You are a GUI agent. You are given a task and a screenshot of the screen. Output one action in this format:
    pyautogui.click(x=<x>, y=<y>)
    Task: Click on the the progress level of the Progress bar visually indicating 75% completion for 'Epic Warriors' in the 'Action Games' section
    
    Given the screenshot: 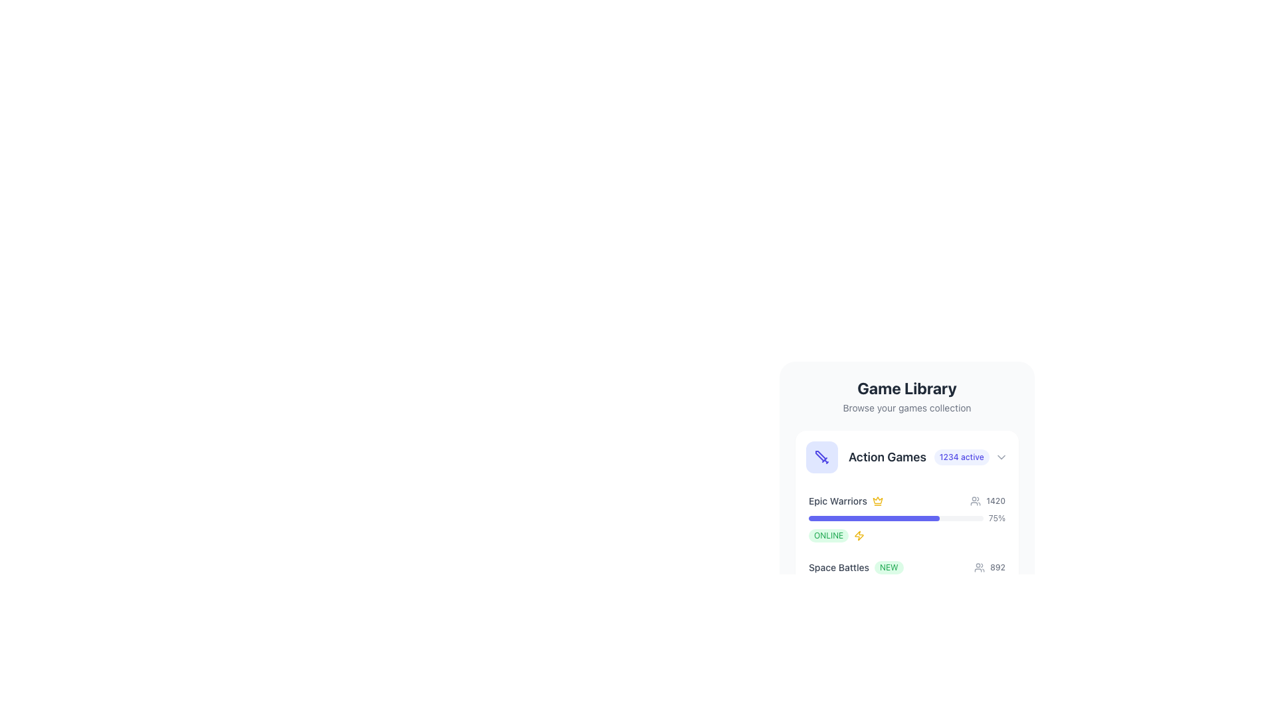 What is the action you would take?
    pyautogui.click(x=896, y=517)
    